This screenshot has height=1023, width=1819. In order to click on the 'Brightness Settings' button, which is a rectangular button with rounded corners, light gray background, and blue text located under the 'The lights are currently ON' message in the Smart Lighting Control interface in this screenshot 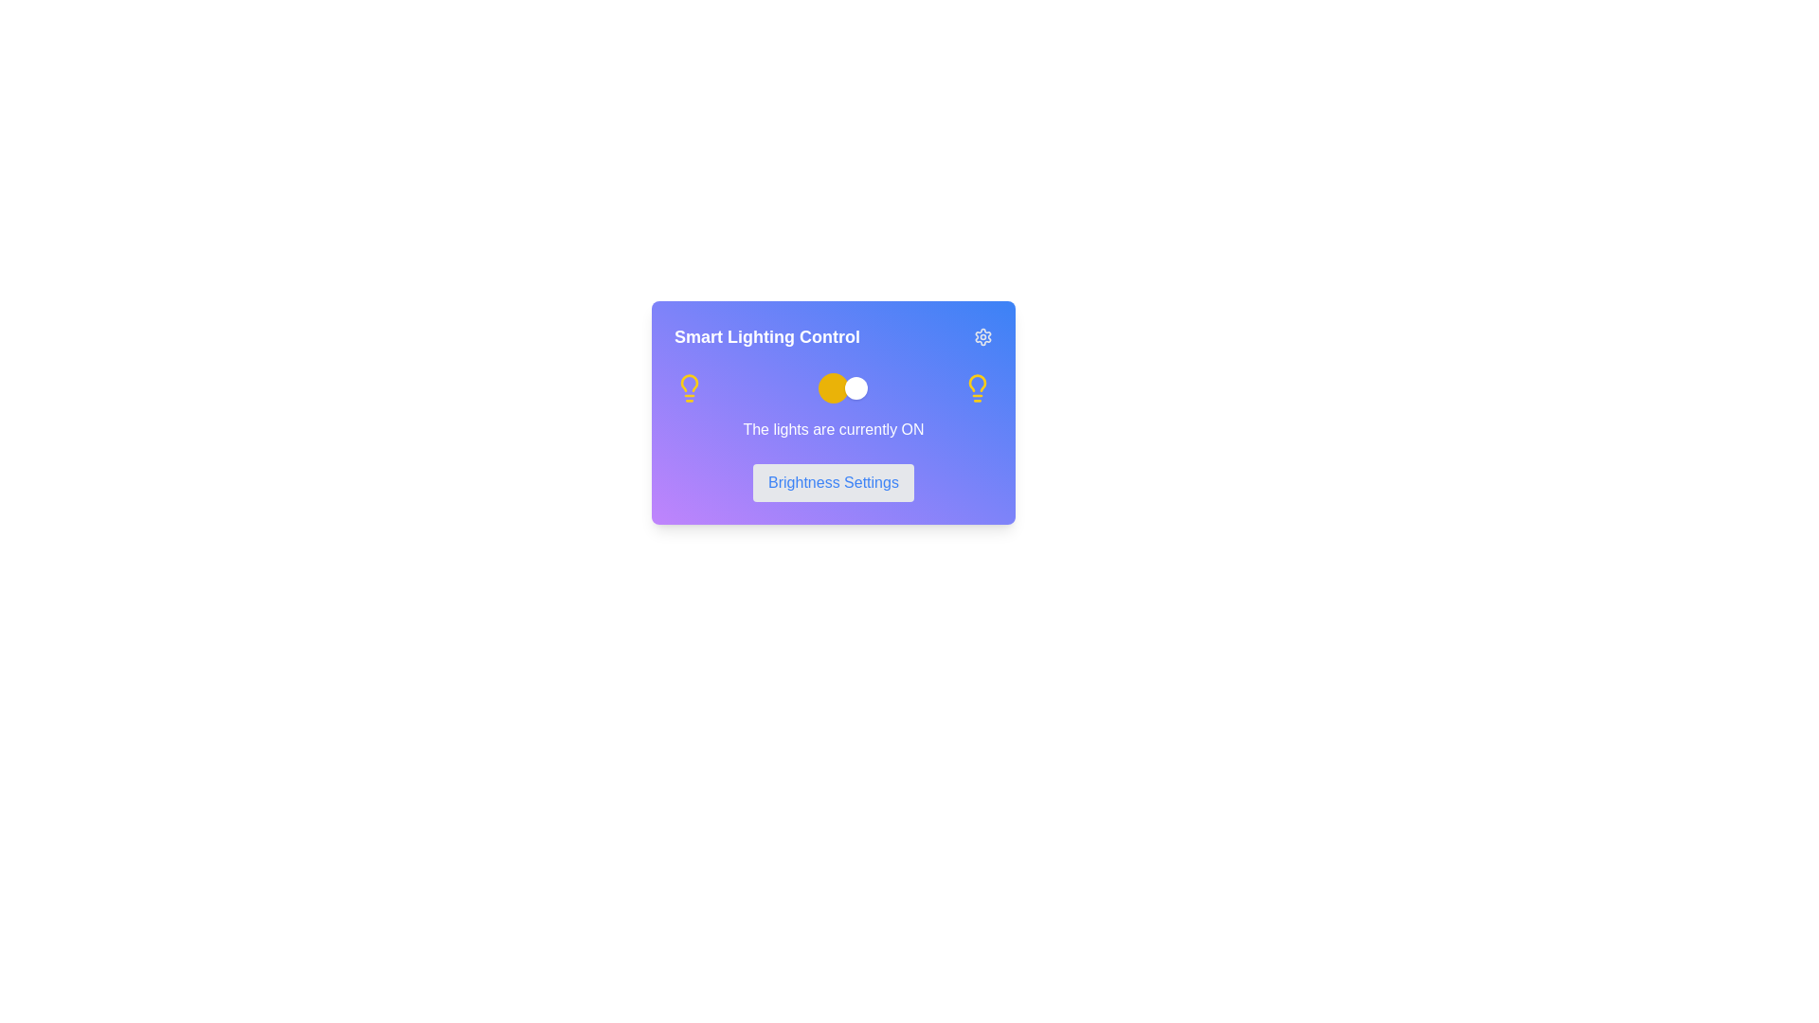, I will do `click(833, 481)`.